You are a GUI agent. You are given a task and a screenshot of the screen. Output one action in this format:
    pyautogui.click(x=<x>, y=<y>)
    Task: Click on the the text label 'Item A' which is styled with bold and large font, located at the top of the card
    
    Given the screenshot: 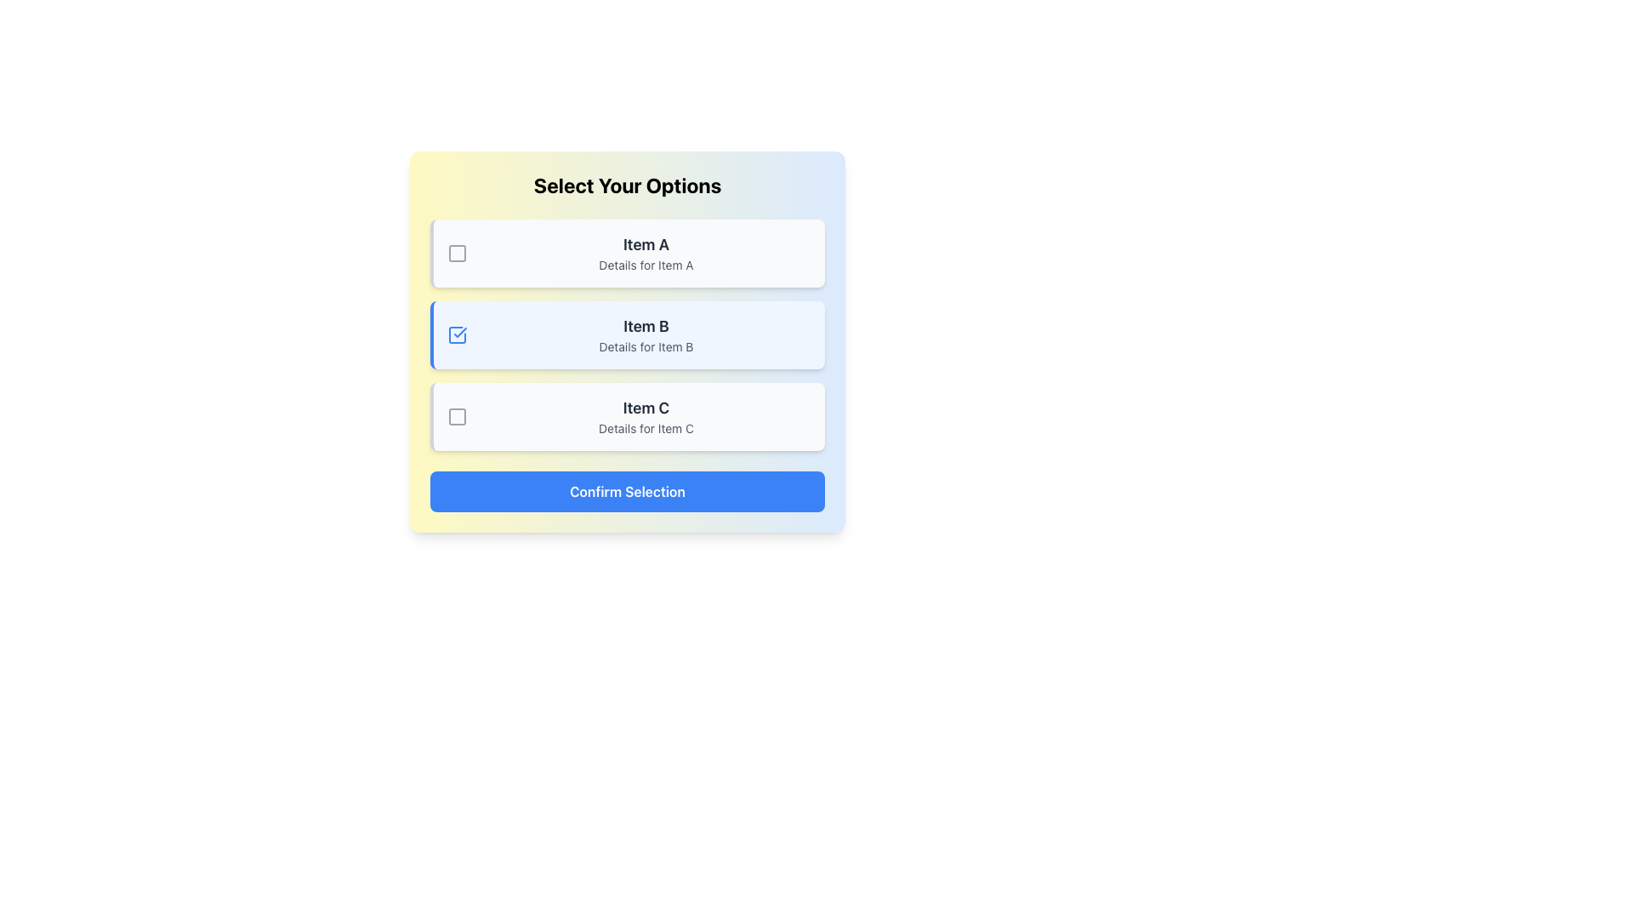 What is the action you would take?
    pyautogui.click(x=645, y=245)
    